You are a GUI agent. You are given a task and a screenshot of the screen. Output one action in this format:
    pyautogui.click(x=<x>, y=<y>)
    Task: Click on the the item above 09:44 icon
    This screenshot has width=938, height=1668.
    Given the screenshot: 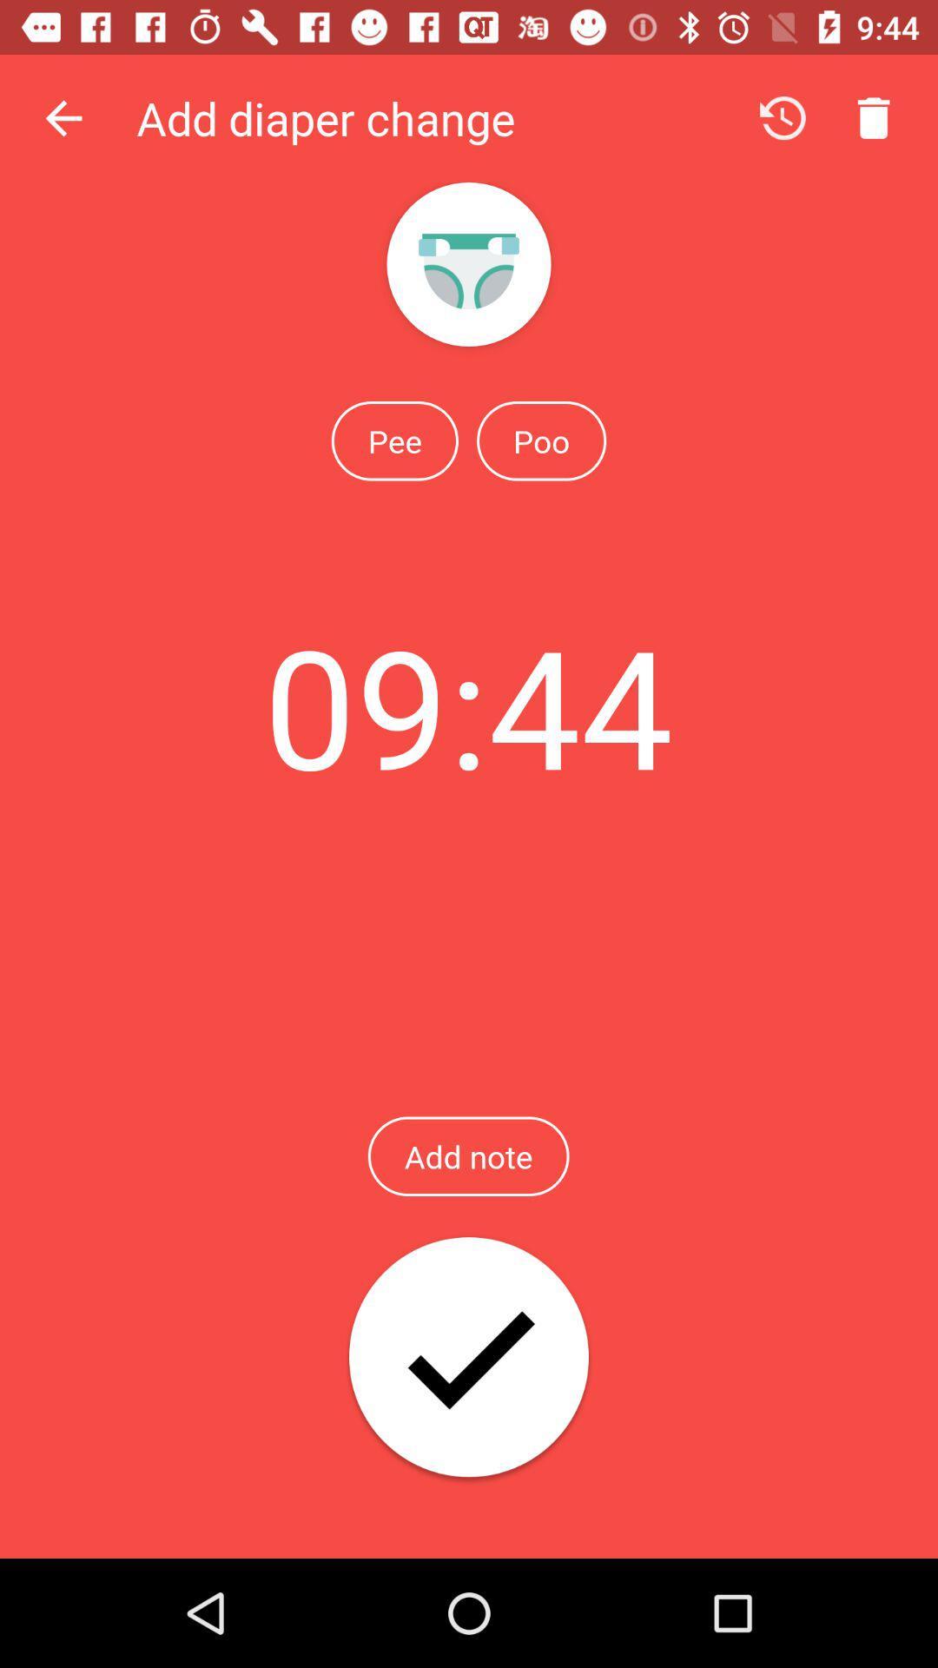 What is the action you would take?
    pyautogui.click(x=394, y=440)
    